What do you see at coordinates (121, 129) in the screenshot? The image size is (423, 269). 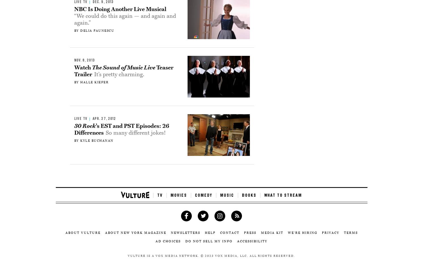 I see `'’s EST and PST Episodes: 26 Differences'` at bounding box center [121, 129].